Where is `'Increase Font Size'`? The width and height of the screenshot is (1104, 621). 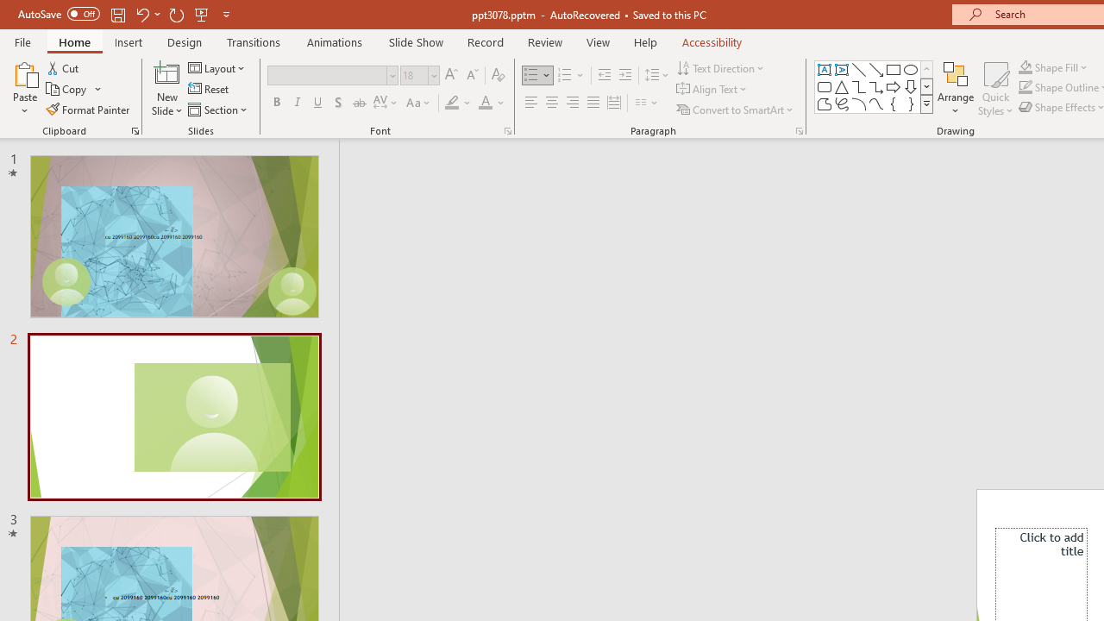
'Increase Font Size' is located at coordinates (450, 74).